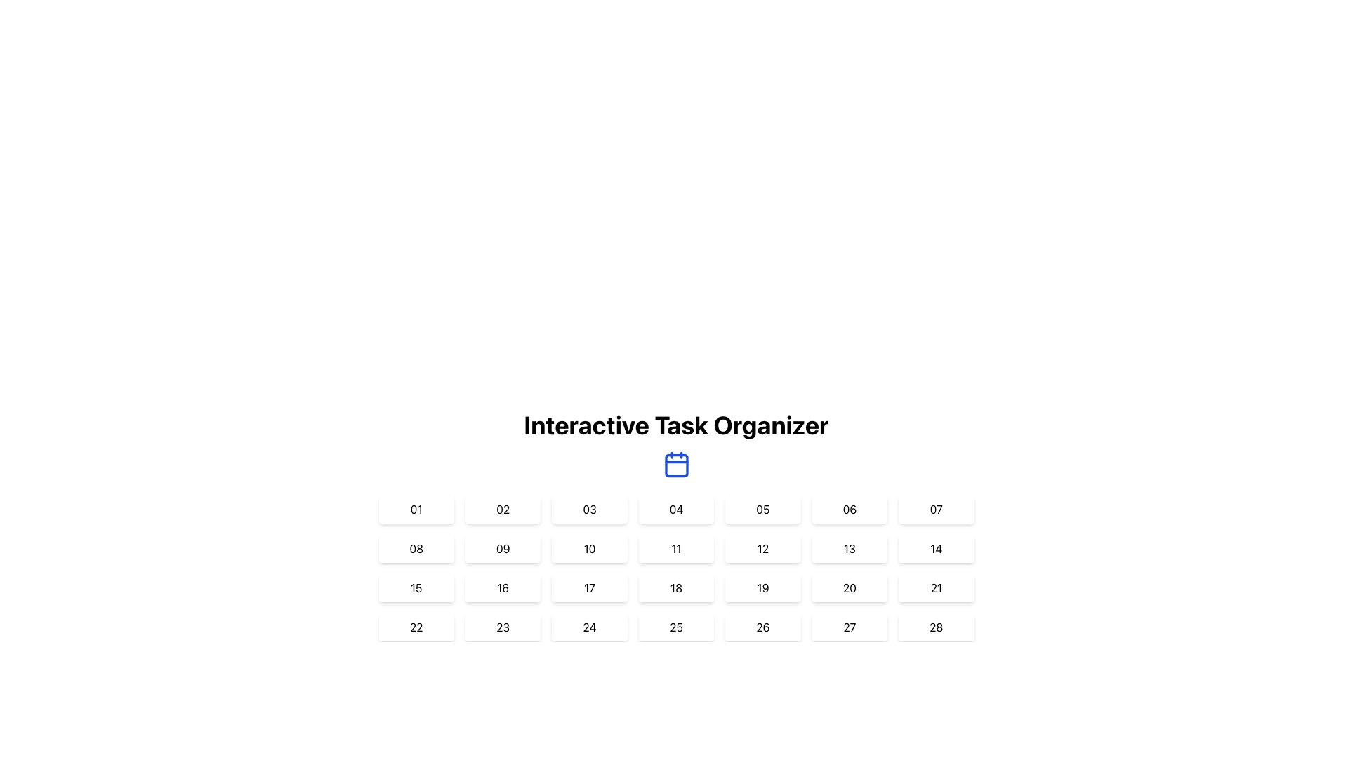  What do you see at coordinates (676, 587) in the screenshot?
I see `the rectangular button styled as a tile with a rounded border, light gray background, and shadowed edges, displaying the number '18' in black` at bounding box center [676, 587].